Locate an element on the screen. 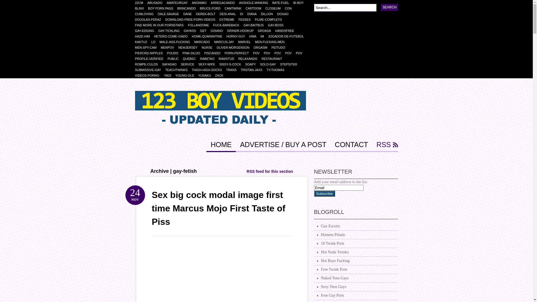 The height and width of the screenshot is (302, 537). 'PINK-DILDO' is located at coordinates (193, 53).